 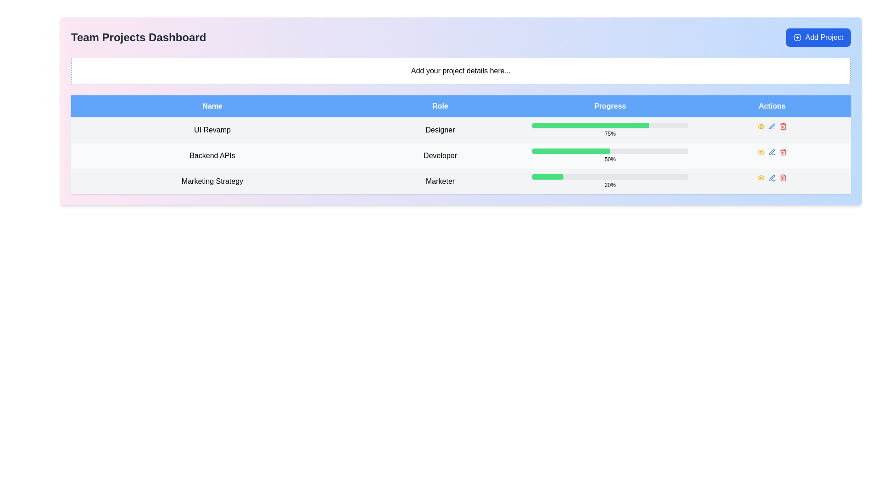 What do you see at coordinates (440, 155) in the screenshot?
I see `the text label displaying 'Developer' in the Role column of the Backend APIs row` at bounding box center [440, 155].